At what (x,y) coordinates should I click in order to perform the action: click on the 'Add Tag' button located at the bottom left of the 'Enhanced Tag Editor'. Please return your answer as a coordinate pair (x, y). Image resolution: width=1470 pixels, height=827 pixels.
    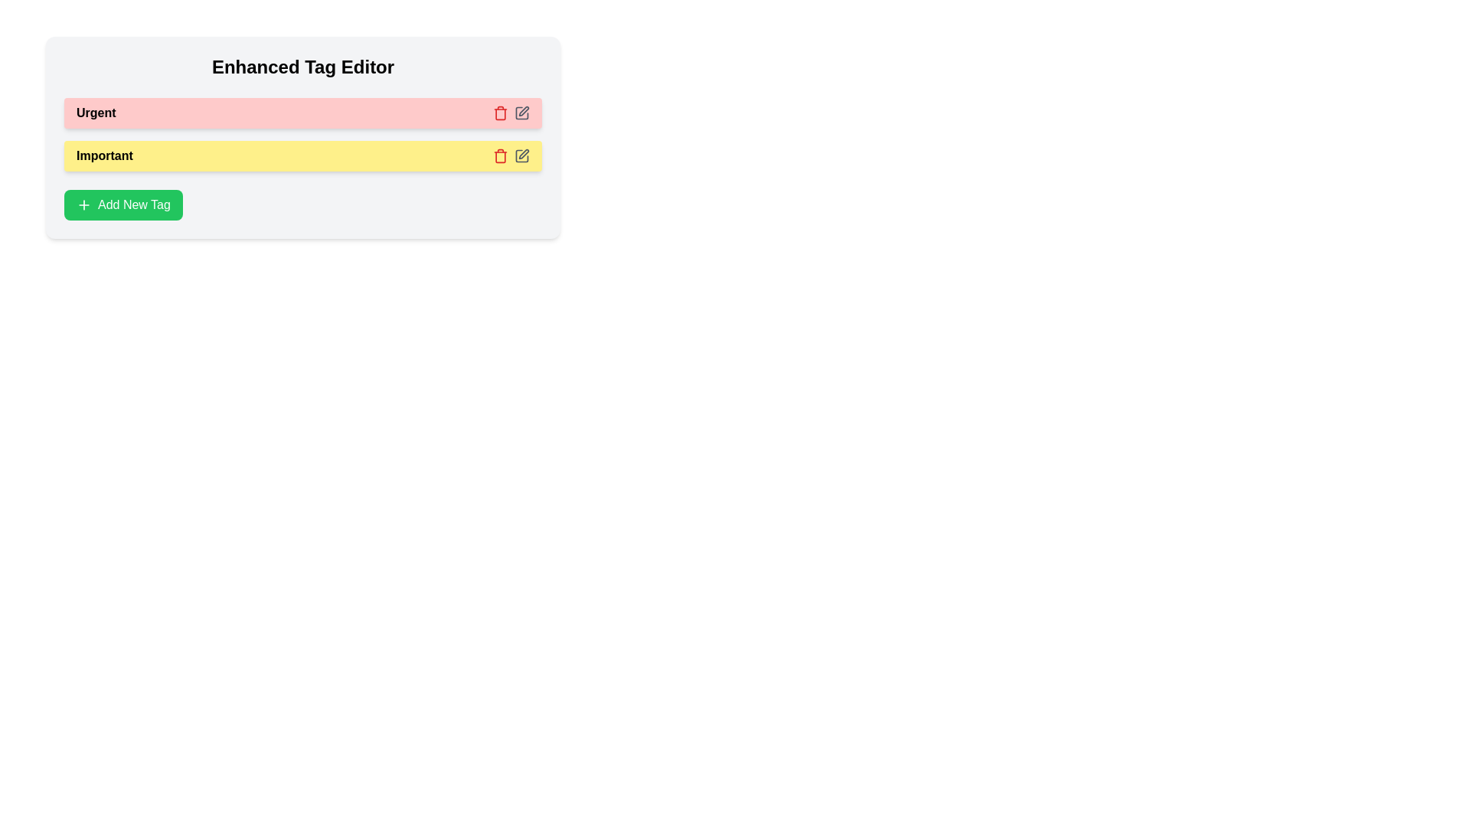
    Looking at the image, I should click on (123, 204).